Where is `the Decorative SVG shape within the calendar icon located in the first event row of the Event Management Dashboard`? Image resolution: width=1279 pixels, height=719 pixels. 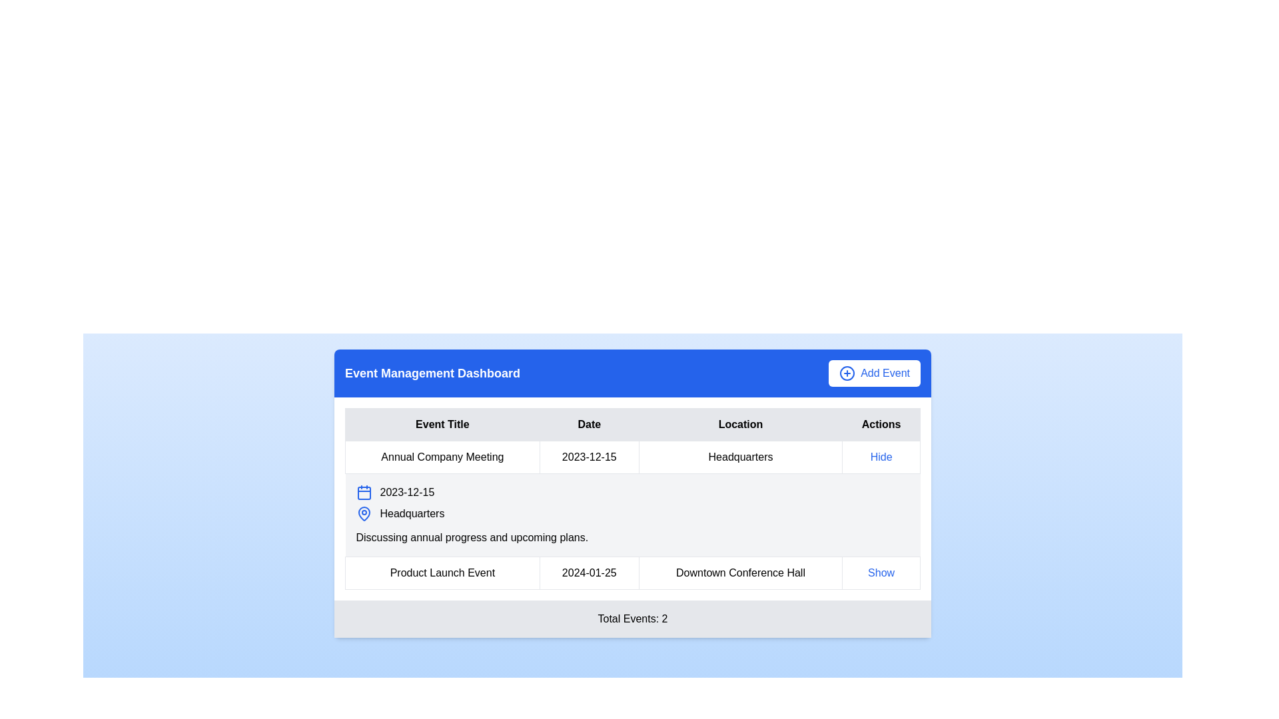
the Decorative SVG shape within the calendar icon located in the first event row of the Event Management Dashboard is located at coordinates (364, 493).